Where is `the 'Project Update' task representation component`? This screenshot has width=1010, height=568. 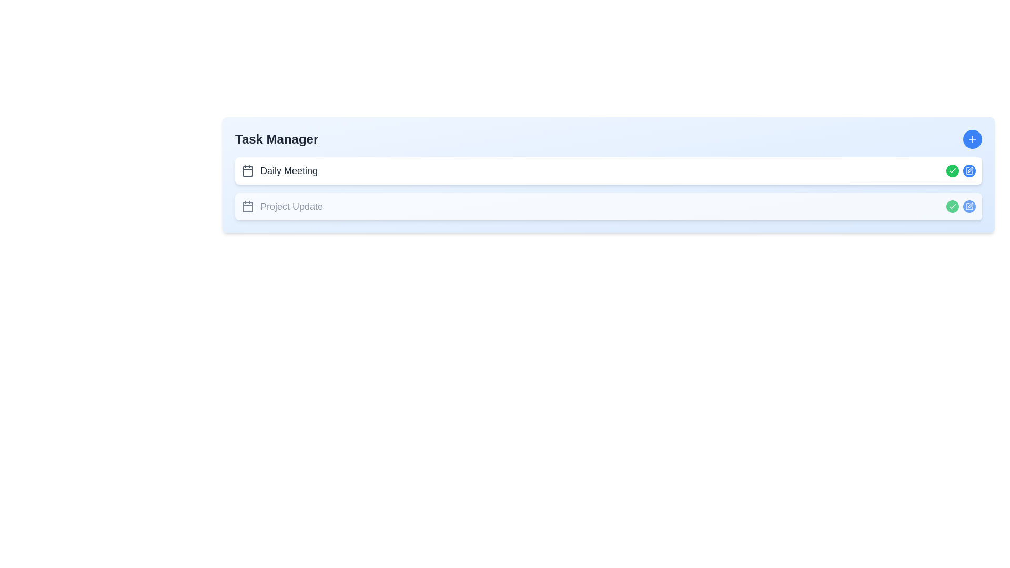
the 'Project Update' task representation component is located at coordinates (608, 207).